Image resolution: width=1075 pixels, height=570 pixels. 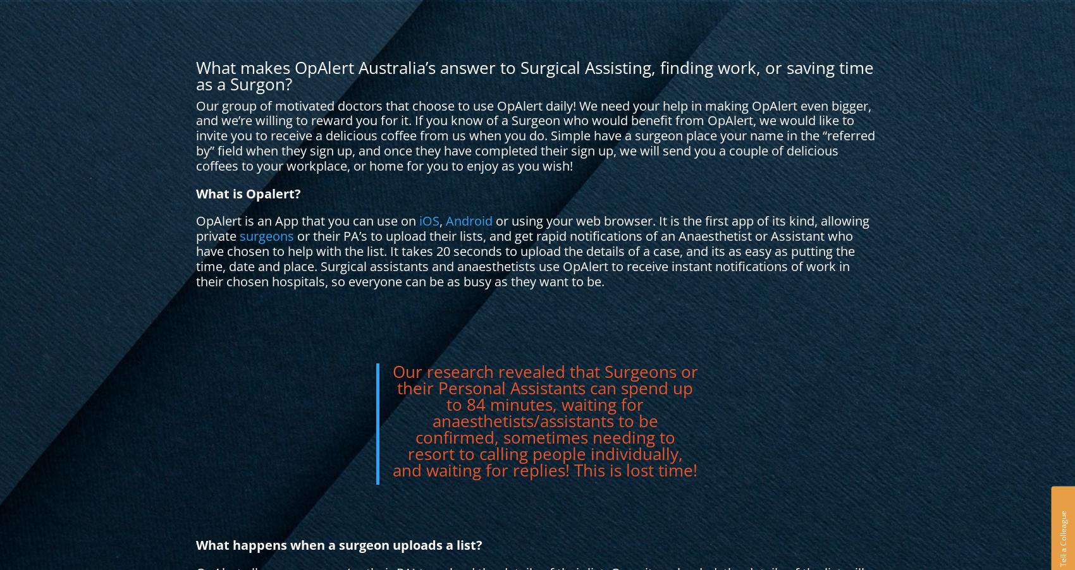 What do you see at coordinates (524, 258) in the screenshot?
I see `'or their PA’s to upload their lists, and get rapid notifications of an Anaesthetist or Assistant who have chosen to help with the list. It takes 20 seconds to upload the details of a case, and its as easy as putting the time, date and place. Surgical assistants and anaesthetists use OpAlert to receive instant notifications of work in their chosen hospitals, so everyone can be as busy as they want to be.'` at bounding box center [524, 258].